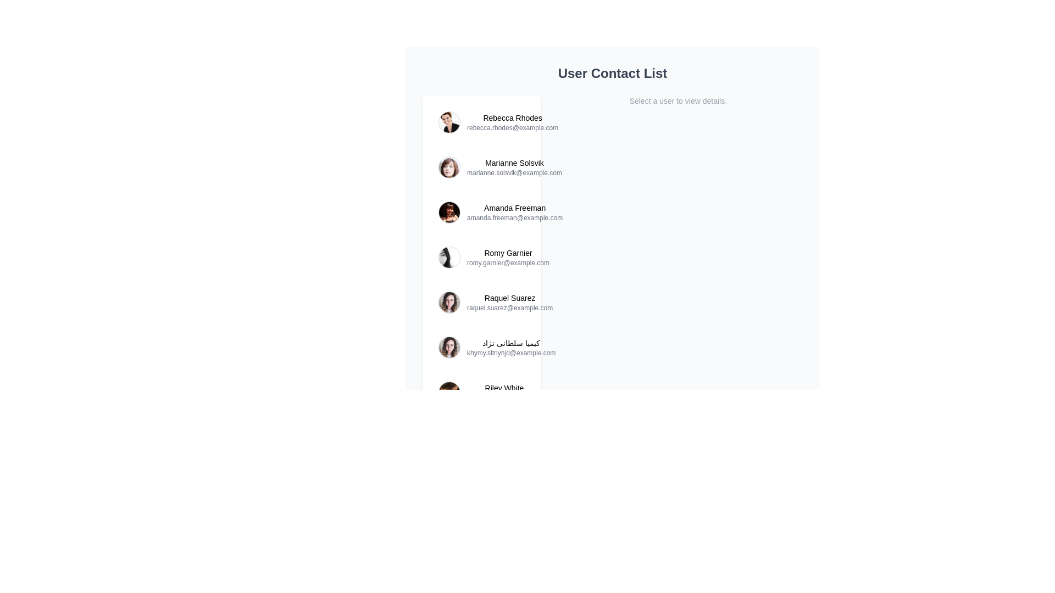 This screenshot has width=1055, height=593. Describe the element at coordinates (509, 303) in the screenshot. I see `the text label pair displaying the user's name and email address located in the fifth entry of the vertically aligned user contact list` at that location.